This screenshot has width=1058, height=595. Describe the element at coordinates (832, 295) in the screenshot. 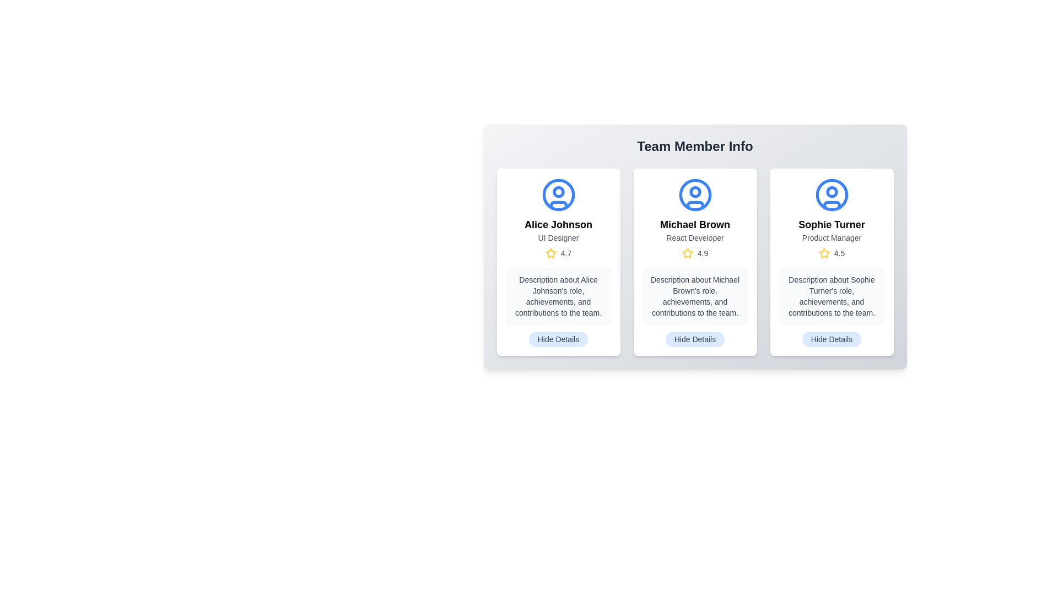

I see `the static text block that provides a detailed description of Sophie Turner, located in the bottom part of the third card in the 'Team Member Info' section` at that location.